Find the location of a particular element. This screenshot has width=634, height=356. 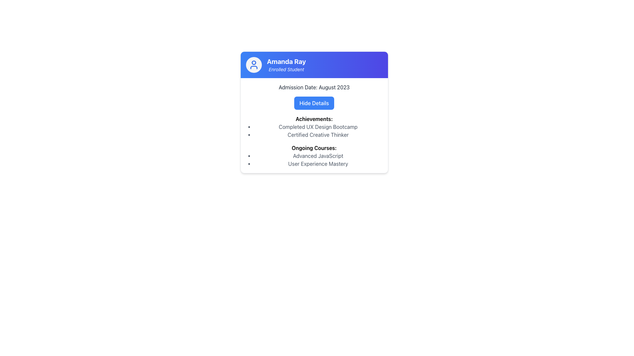

the circular SVG sub-element that is part of the user avatar icon located at the top-left corner of the card is located at coordinates (253, 63).